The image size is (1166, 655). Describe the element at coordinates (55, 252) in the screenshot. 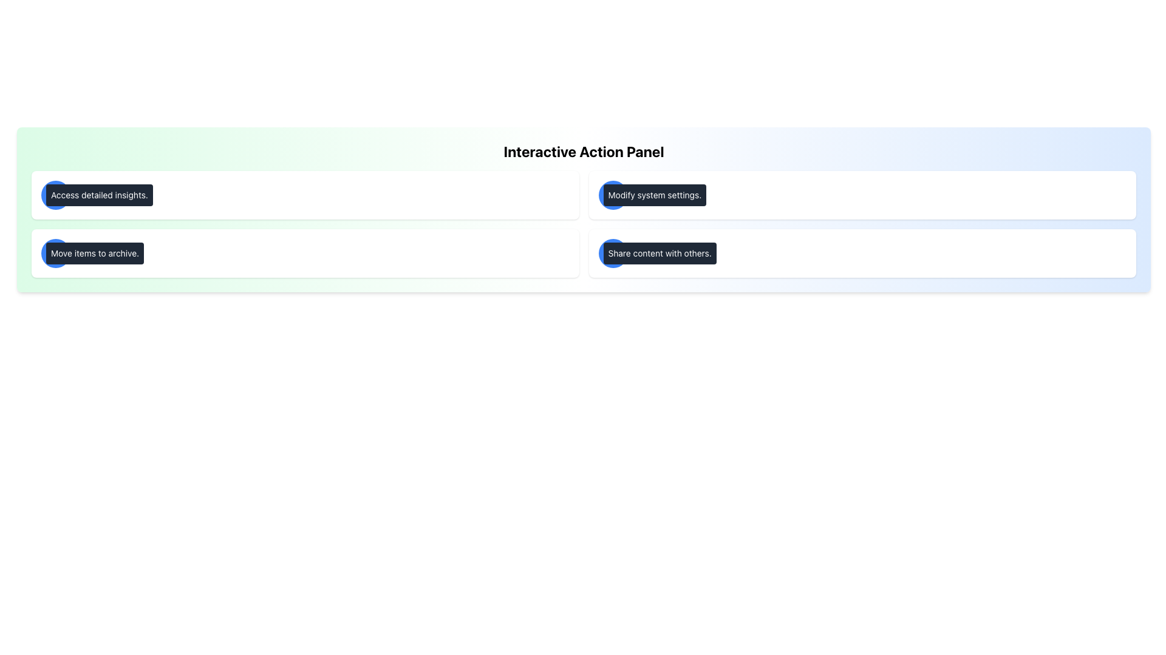

I see `the Icon button located in the first item of a vertically stacked list, positioned at the leftmost area above the text label 'Move items to archive.'` at that location.